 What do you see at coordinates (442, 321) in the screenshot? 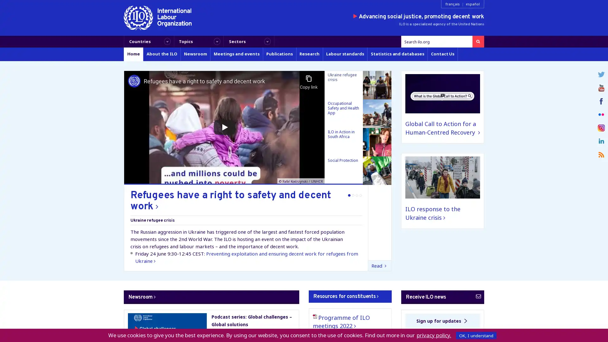
I see `Sign up for updates` at bounding box center [442, 321].